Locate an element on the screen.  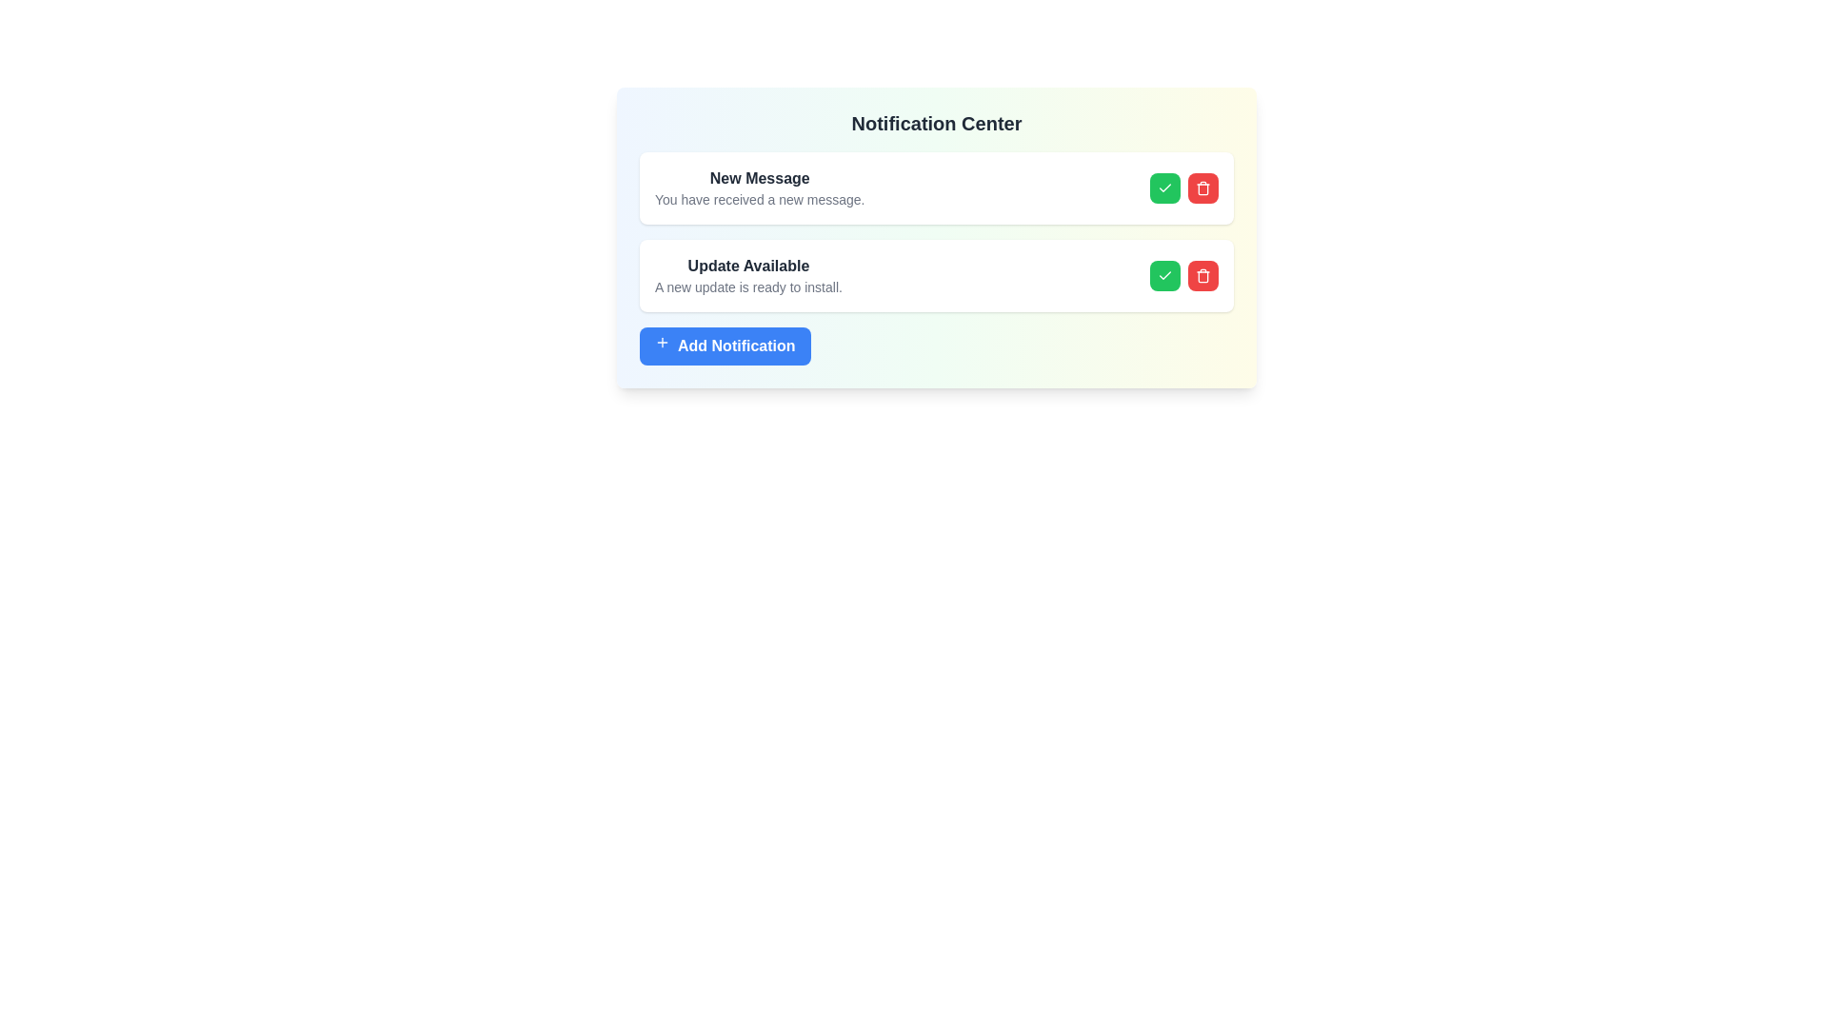
the second button in the horizontal button group of the Notification Center is located at coordinates (1202, 275).